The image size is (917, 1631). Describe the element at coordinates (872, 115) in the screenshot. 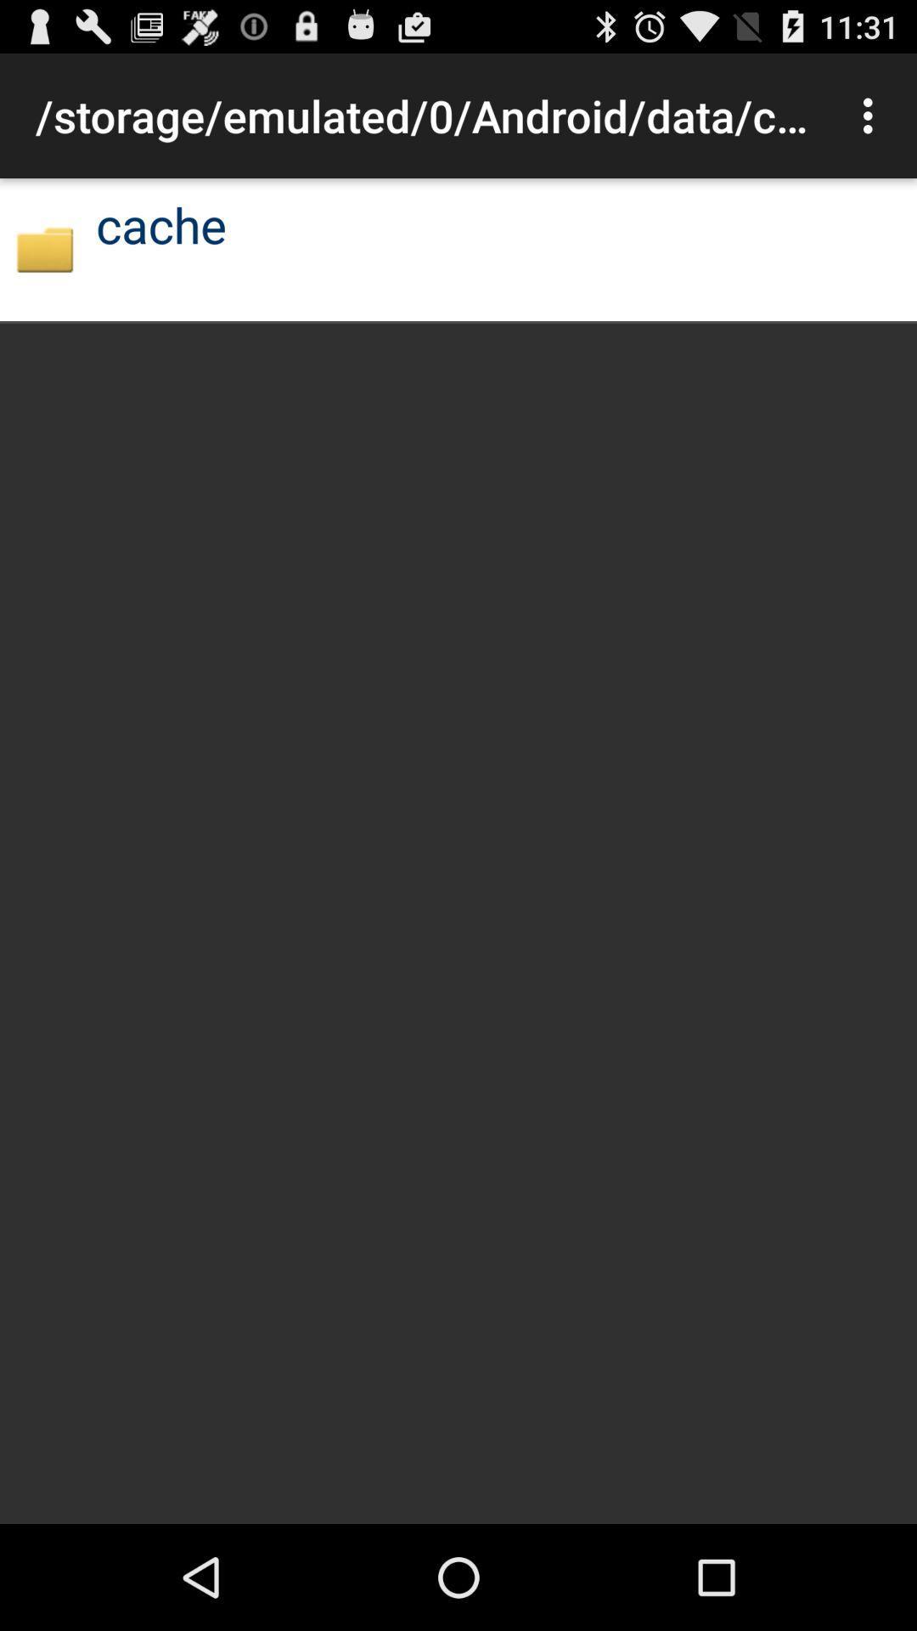

I see `item at the top right corner` at that location.